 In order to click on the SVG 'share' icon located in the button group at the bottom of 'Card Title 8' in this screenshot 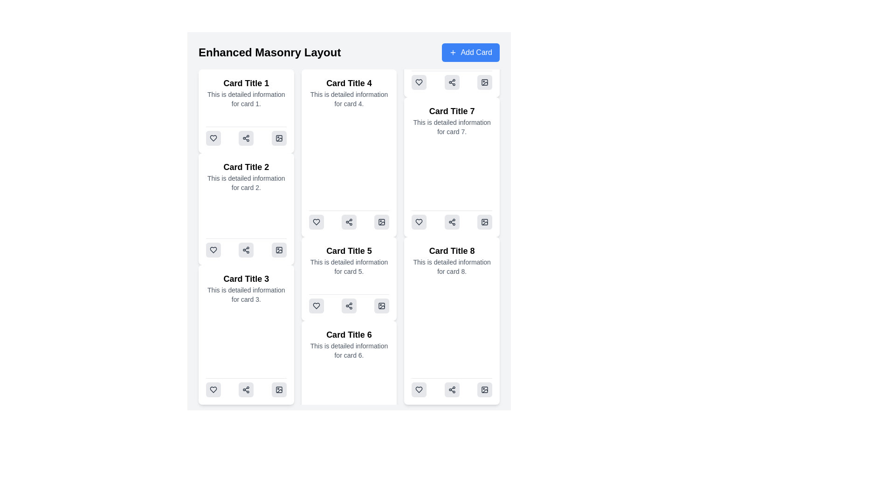, I will do `click(452, 222)`.